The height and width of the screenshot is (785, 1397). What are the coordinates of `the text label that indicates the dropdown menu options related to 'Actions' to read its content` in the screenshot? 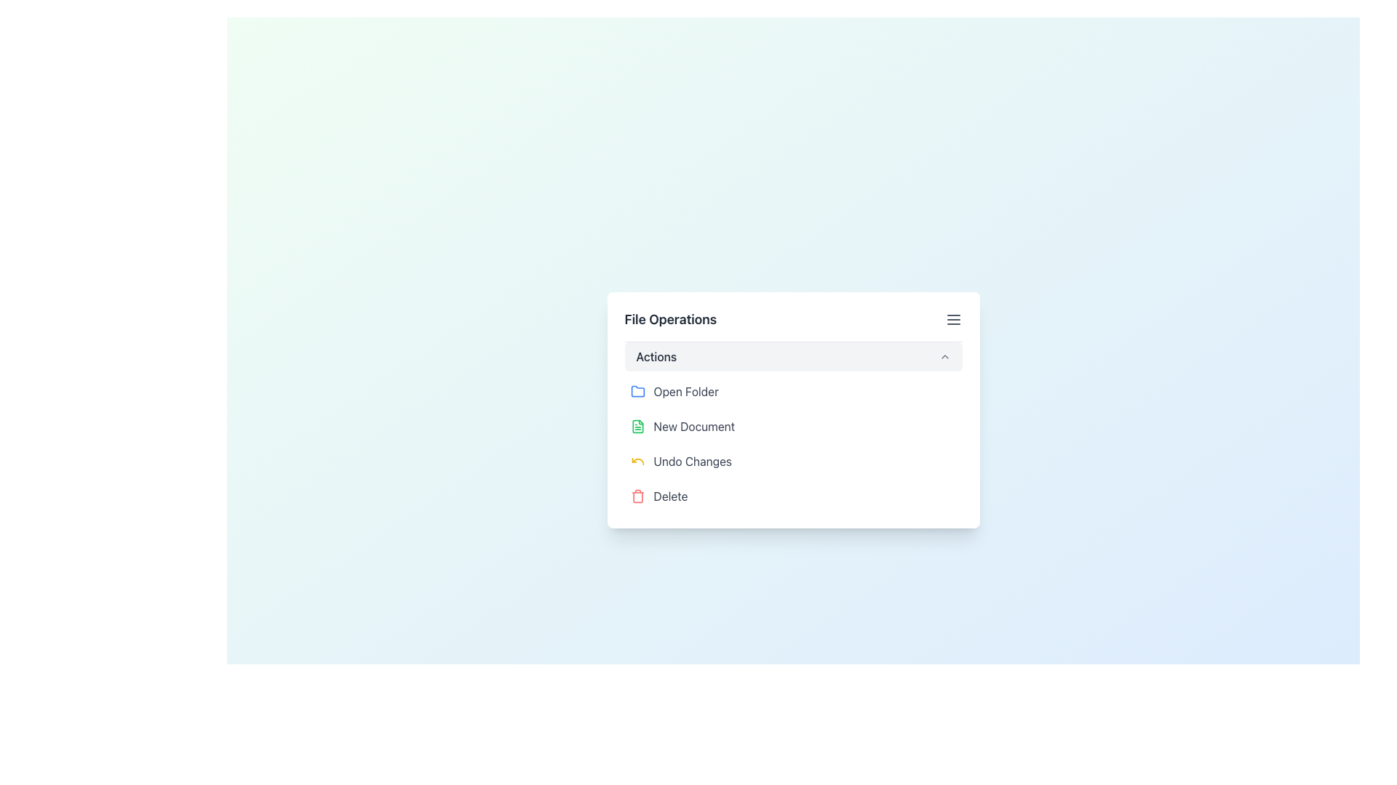 It's located at (656, 356).